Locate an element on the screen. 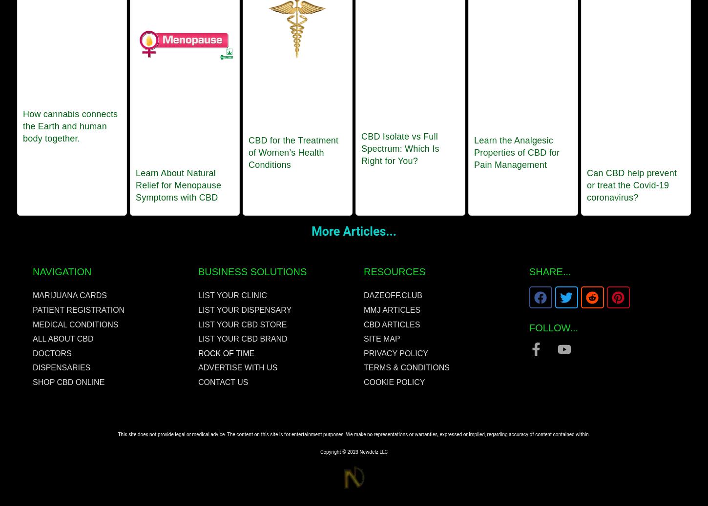 The height and width of the screenshot is (506, 708). 'Copyright © 2023 Newdelz LLC' is located at coordinates (353, 451).